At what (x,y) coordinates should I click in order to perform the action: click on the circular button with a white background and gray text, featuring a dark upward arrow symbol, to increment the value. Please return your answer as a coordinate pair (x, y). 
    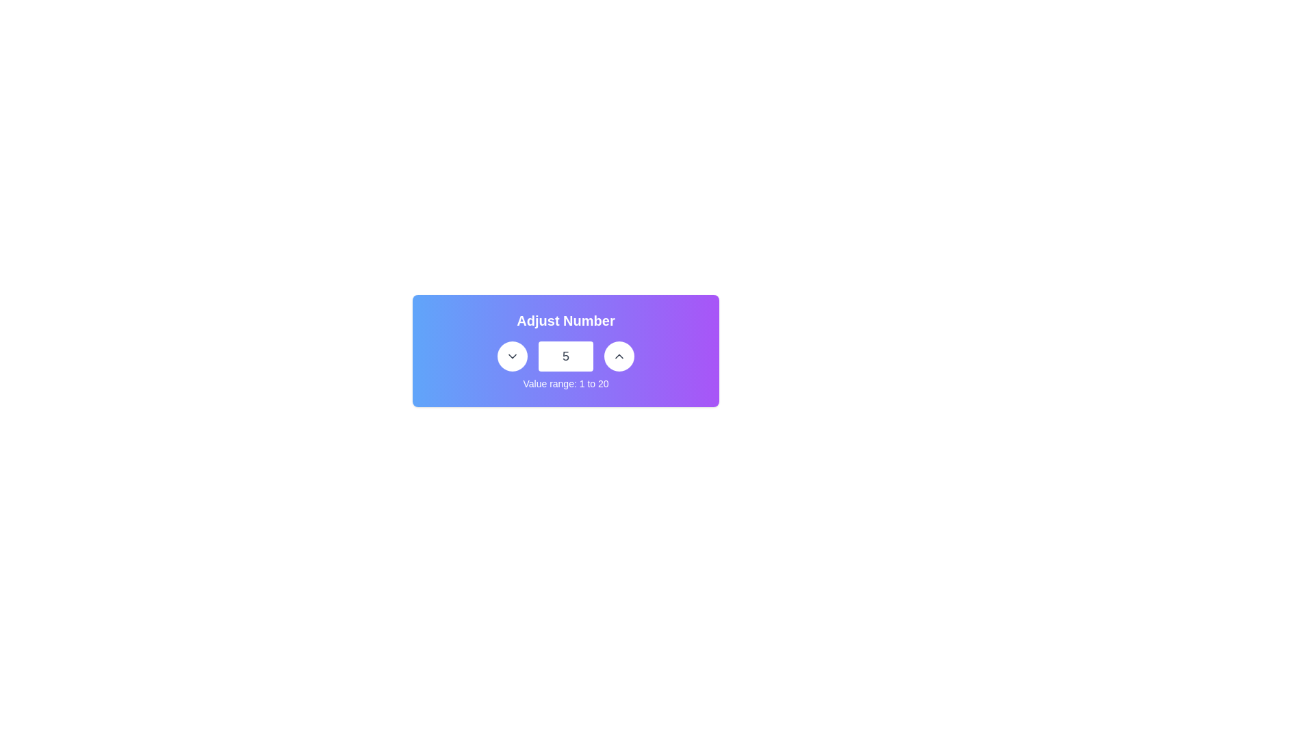
    Looking at the image, I should click on (619, 355).